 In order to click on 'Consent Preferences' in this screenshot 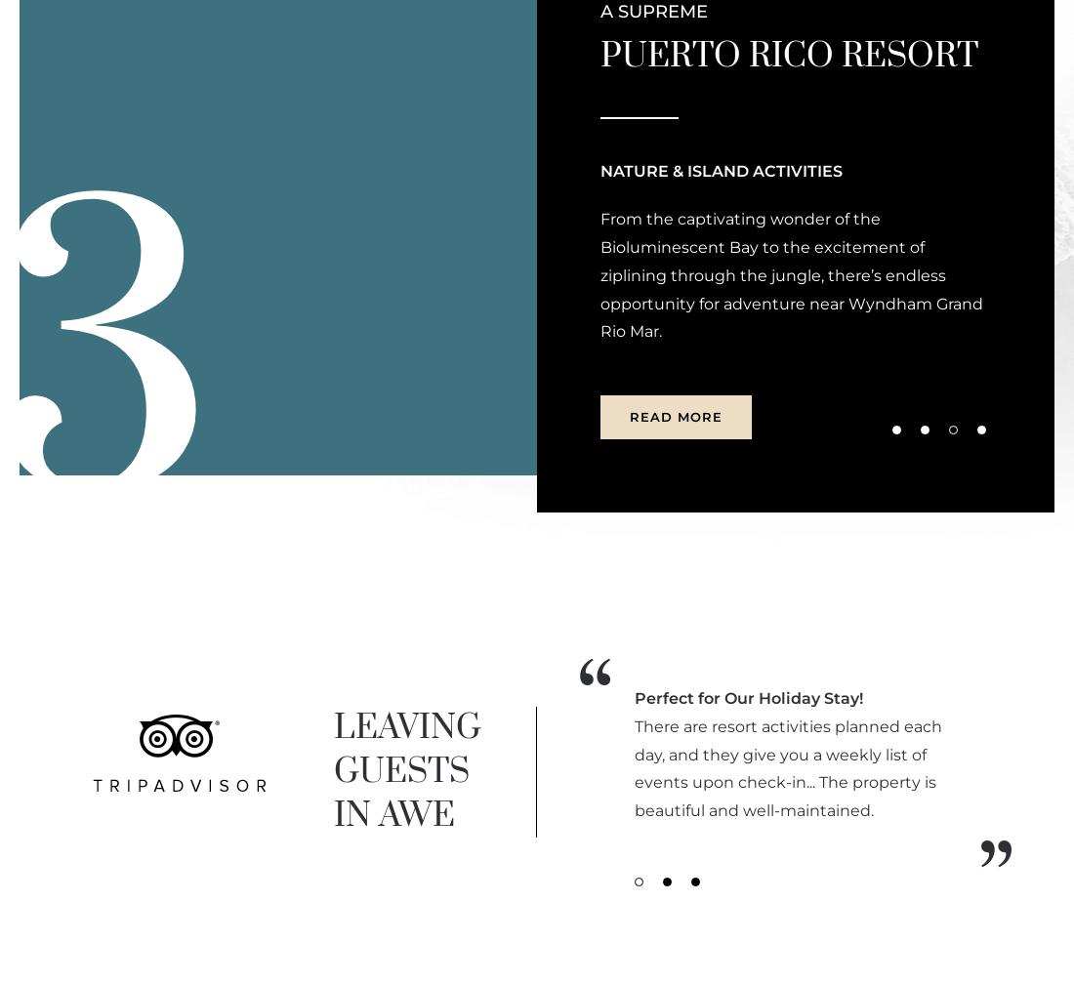, I will do `click(634, 352)`.